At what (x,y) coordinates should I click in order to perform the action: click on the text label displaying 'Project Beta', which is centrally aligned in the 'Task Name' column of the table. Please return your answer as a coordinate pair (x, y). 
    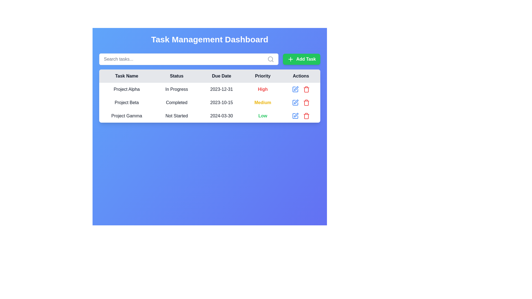
    Looking at the image, I should click on (126, 102).